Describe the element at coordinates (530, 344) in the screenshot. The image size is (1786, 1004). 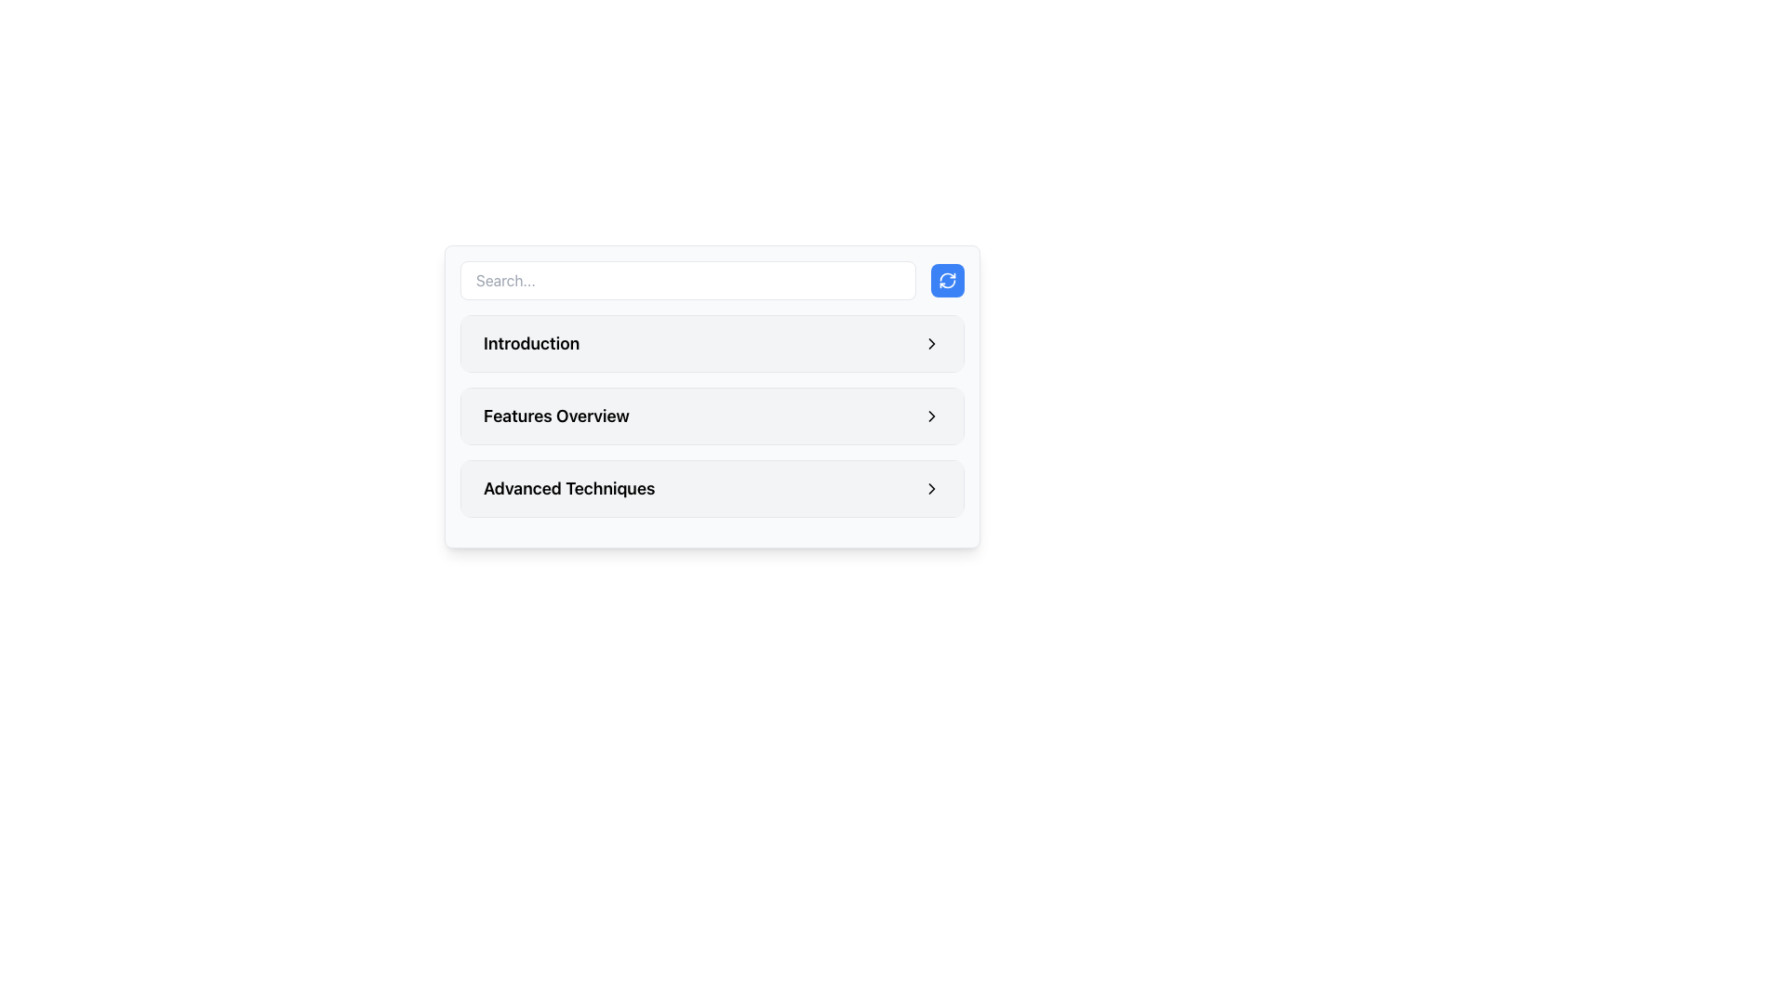
I see `the 'Introduction' text label, which serves as a heading in the first row under the search box, aligned to the left` at that location.